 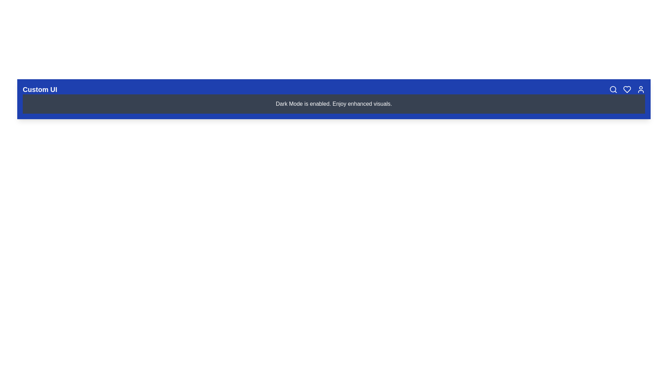 I want to click on the 'Custom UI' title in the header, so click(x=39, y=89).